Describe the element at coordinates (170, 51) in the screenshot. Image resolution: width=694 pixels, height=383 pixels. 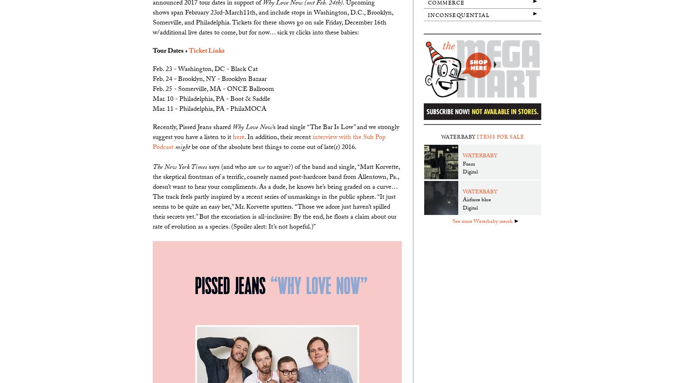
I see `'Tour Dates +'` at that location.